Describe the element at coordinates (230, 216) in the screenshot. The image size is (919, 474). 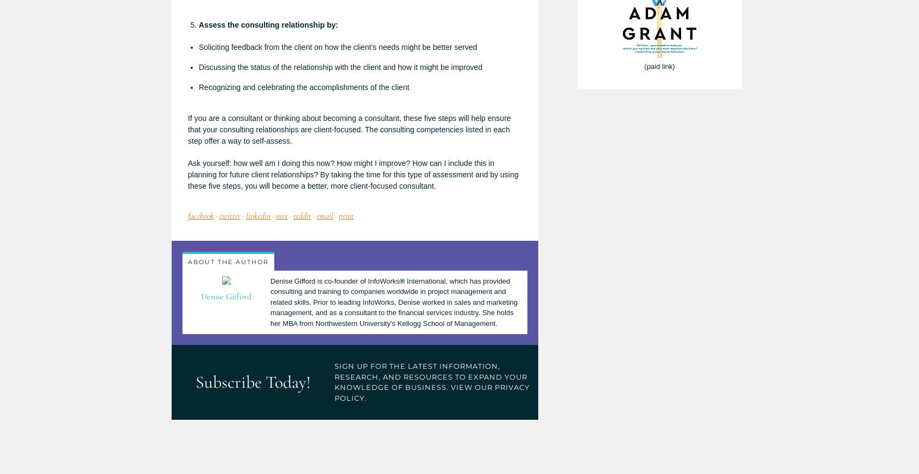
I see `'twitter'` at that location.